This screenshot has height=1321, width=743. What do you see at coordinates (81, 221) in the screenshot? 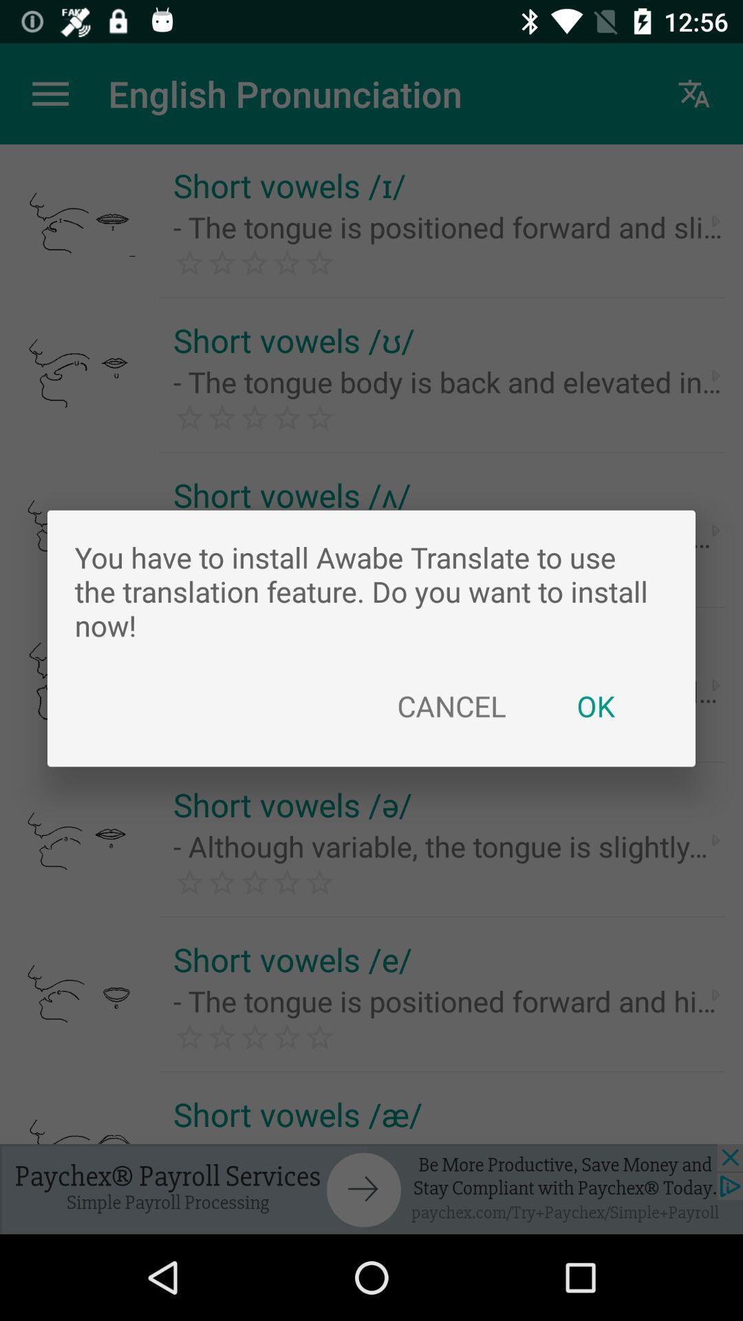
I see `image in the first option` at bounding box center [81, 221].